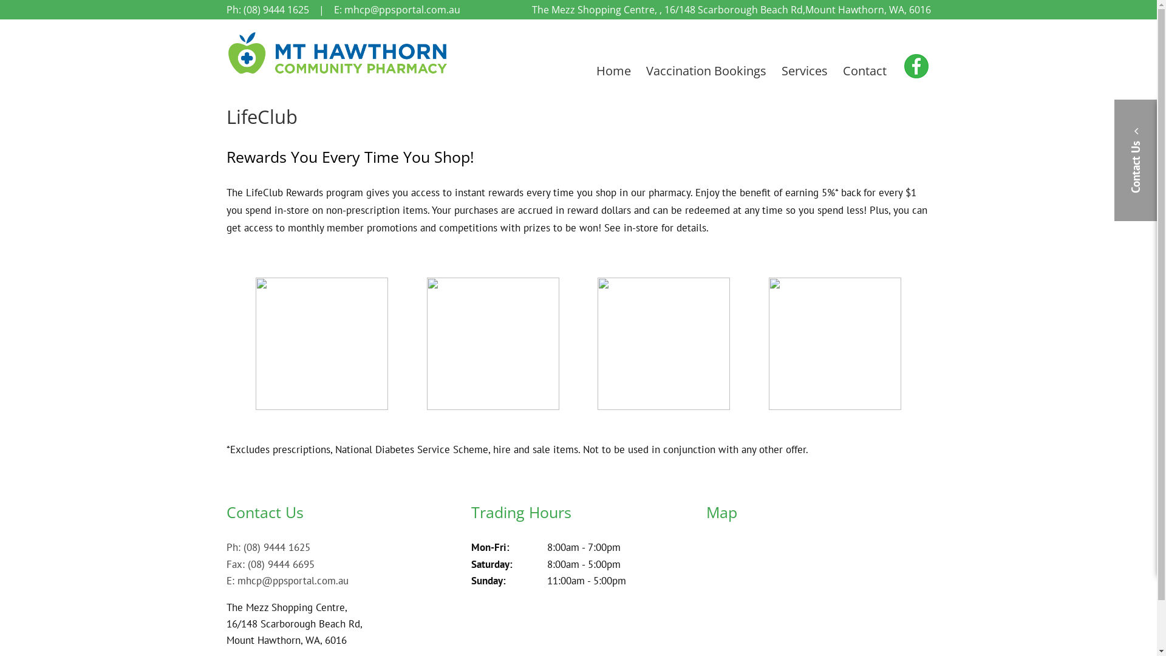  What do you see at coordinates (804, 70) in the screenshot?
I see `'Services'` at bounding box center [804, 70].